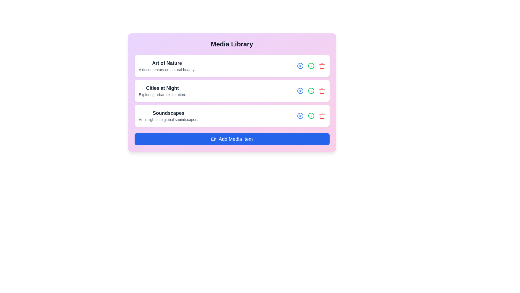 This screenshot has width=520, height=293. What do you see at coordinates (300, 116) in the screenshot?
I see `the play icon for the media item titled 'Soundscapes'` at bounding box center [300, 116].